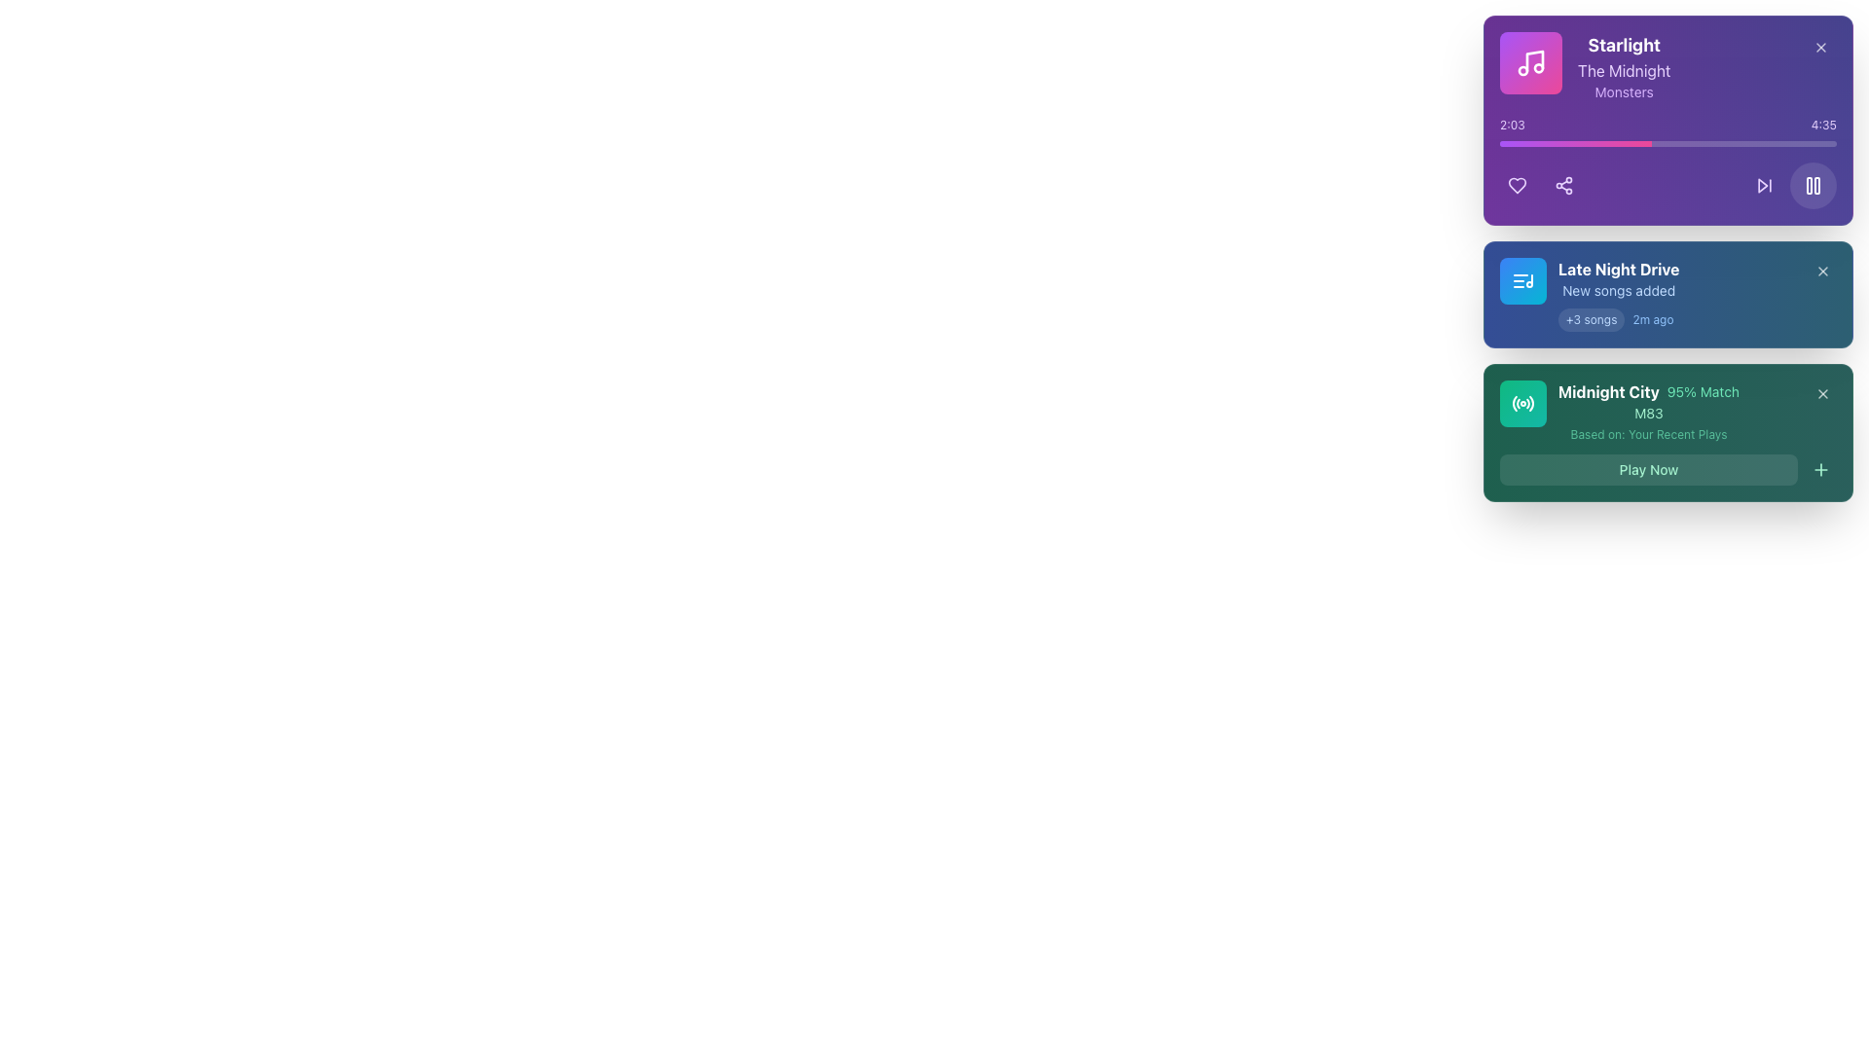  What do you see at coordinates (1667, 469) in the screenshot?
I see `the 'Play Now' button with a green gradient background and white text, located at the bottom of the 'Midnight City' song card` at bounding box center [1667, 469].